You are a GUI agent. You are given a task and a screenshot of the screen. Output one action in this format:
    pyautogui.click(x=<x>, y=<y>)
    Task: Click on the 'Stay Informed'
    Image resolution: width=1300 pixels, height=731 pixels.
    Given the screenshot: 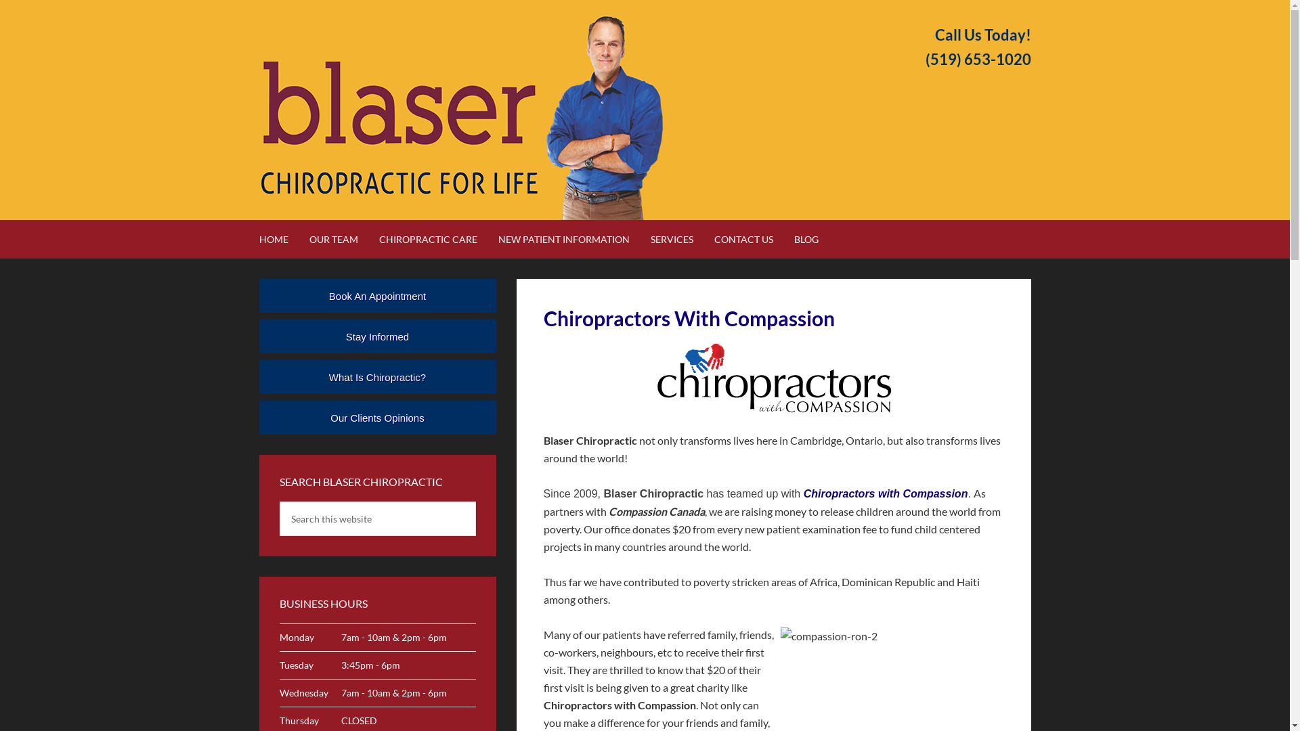 What is the action you would take?
    pyautogui.click(x=376, y=336)
    